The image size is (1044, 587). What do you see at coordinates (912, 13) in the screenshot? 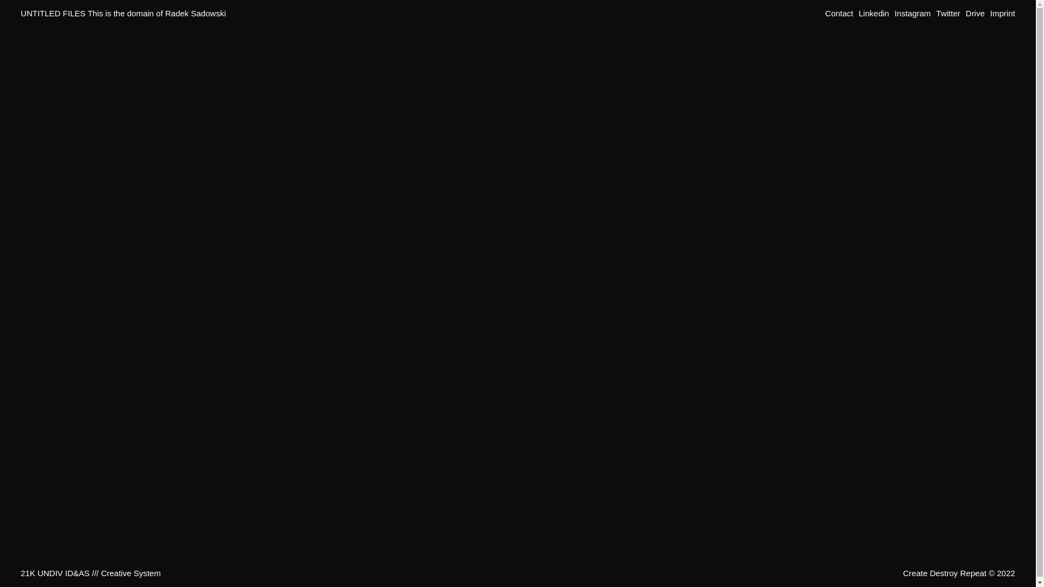
I see `'Instagram'` at bounding box center [912, 13].